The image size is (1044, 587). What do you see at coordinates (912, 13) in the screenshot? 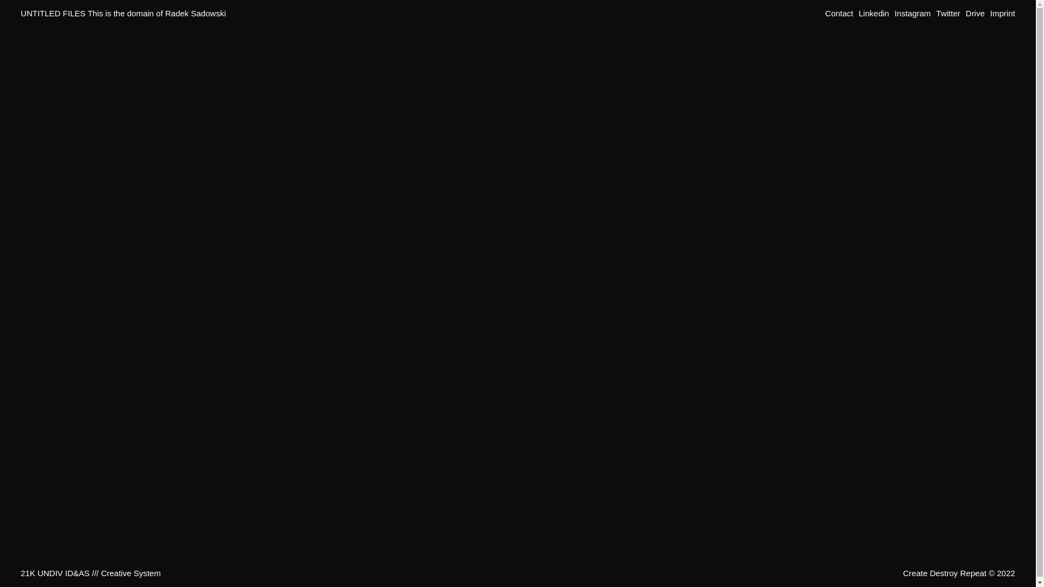
I see `'Instagram'` at bounding box center [912, 13].